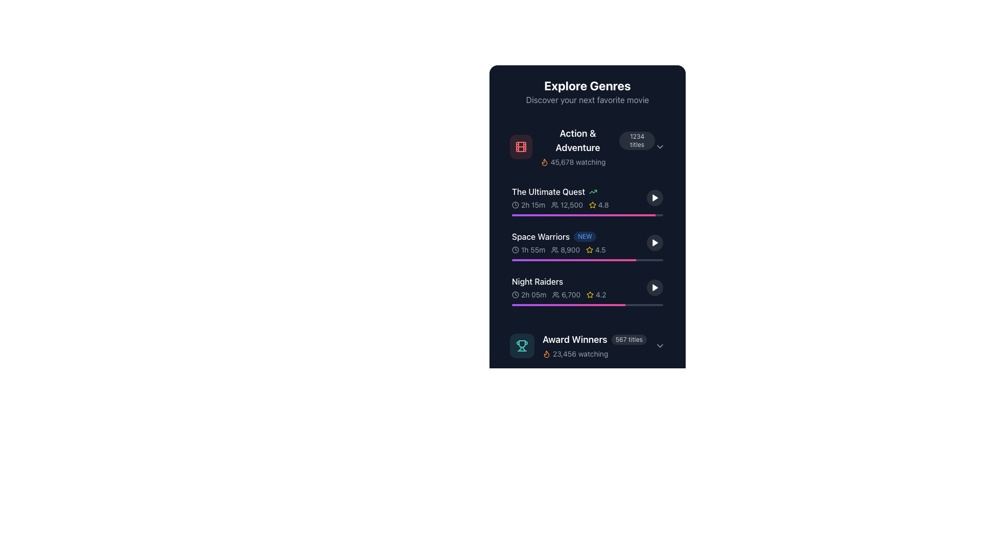 This screenshot has width=981, height=551. Describe the element at coordinates (566, 205) in the screenshot. I see `the text label displaying '12,500', which is styled with a small gray font and located next to an icon resembling a group of people, positioned in the second row under the 'Explore Genres' section, specifically to the right of the duration text ('2h 15m')` at that location.